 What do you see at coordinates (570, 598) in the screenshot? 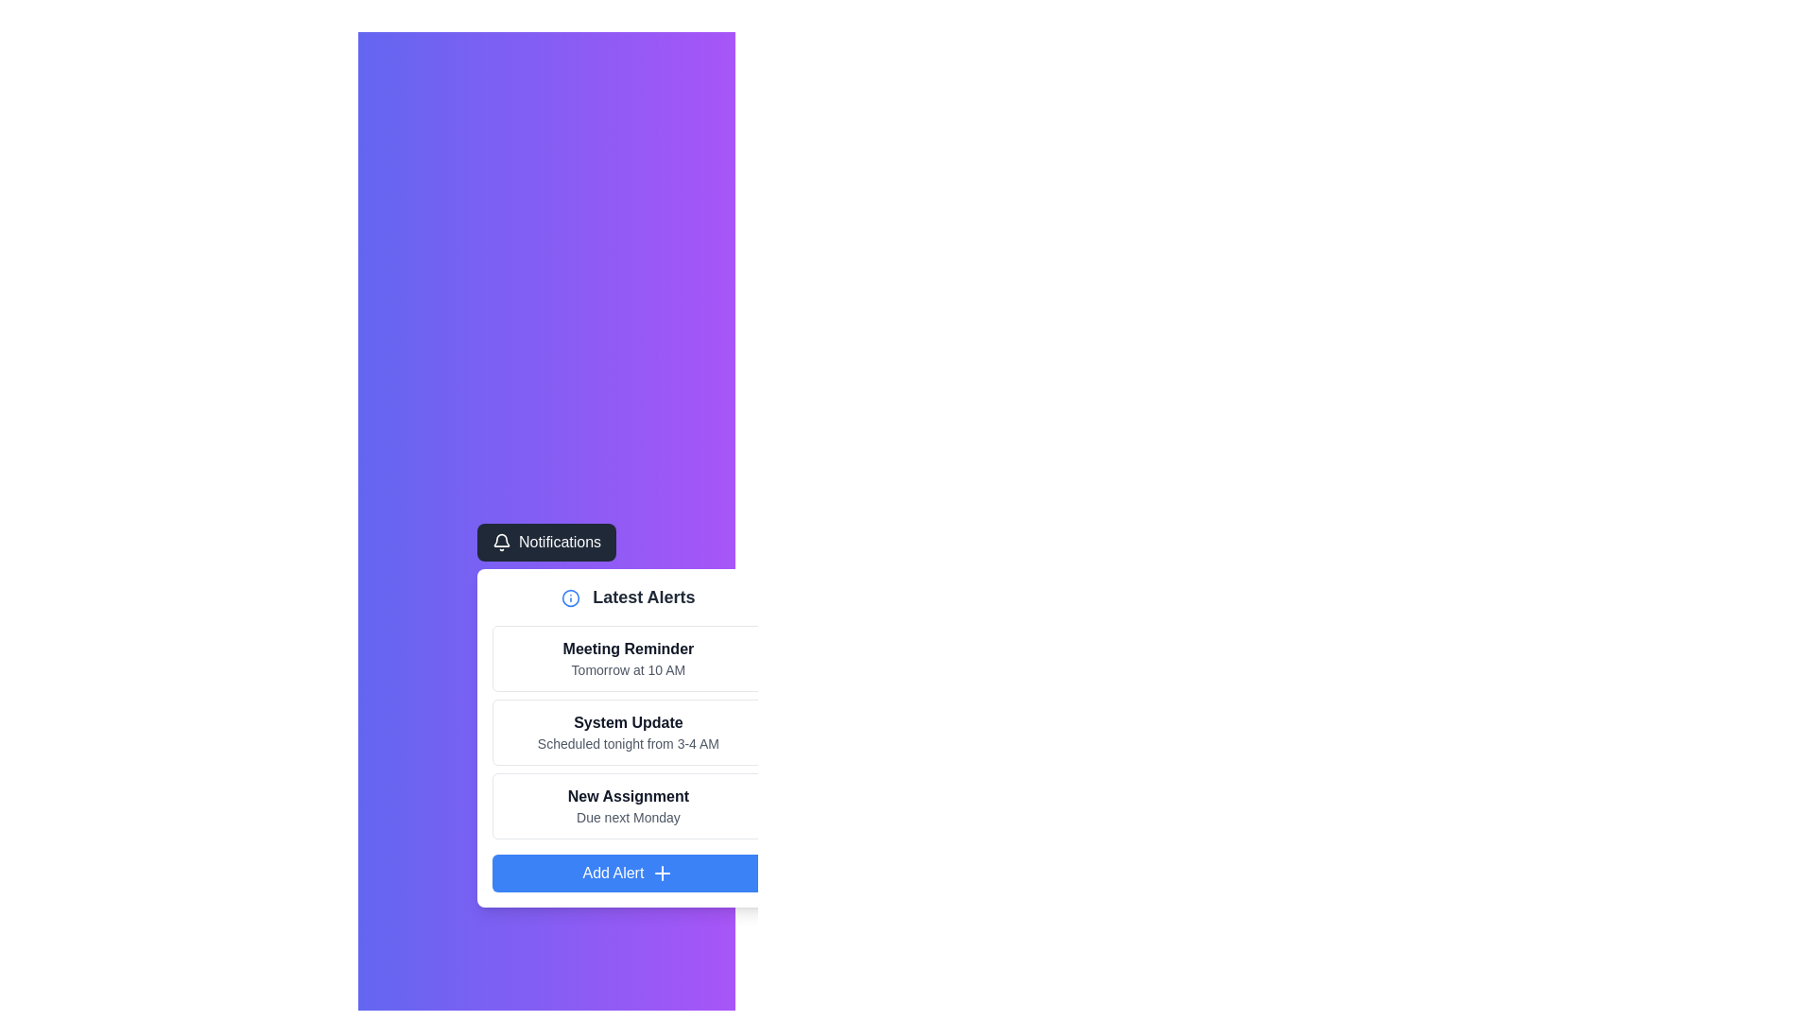
I see `the informational icon located to the left of the 'Latest Alerts' title in the notification panel` at bounding box center [570, 598].